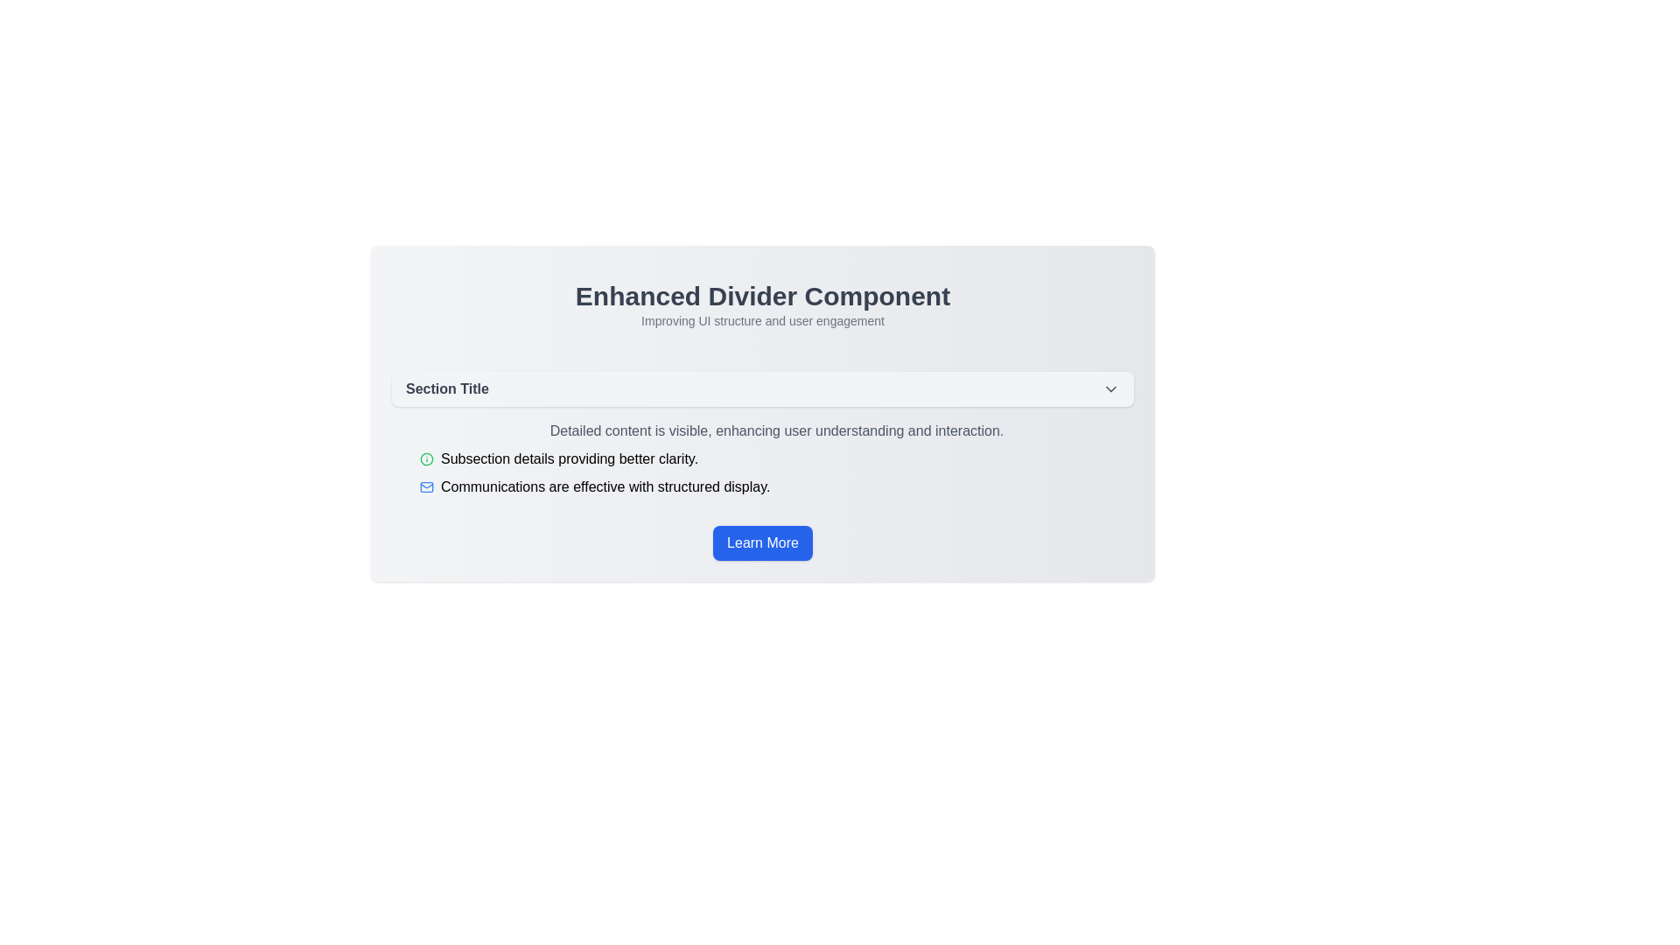 This screenshot has height=945, width=1680. What do you see at coordinates (763, 542) in the screenshot?
I see `the call-to-action button located below the informational text` at bounding box center [763, 542].